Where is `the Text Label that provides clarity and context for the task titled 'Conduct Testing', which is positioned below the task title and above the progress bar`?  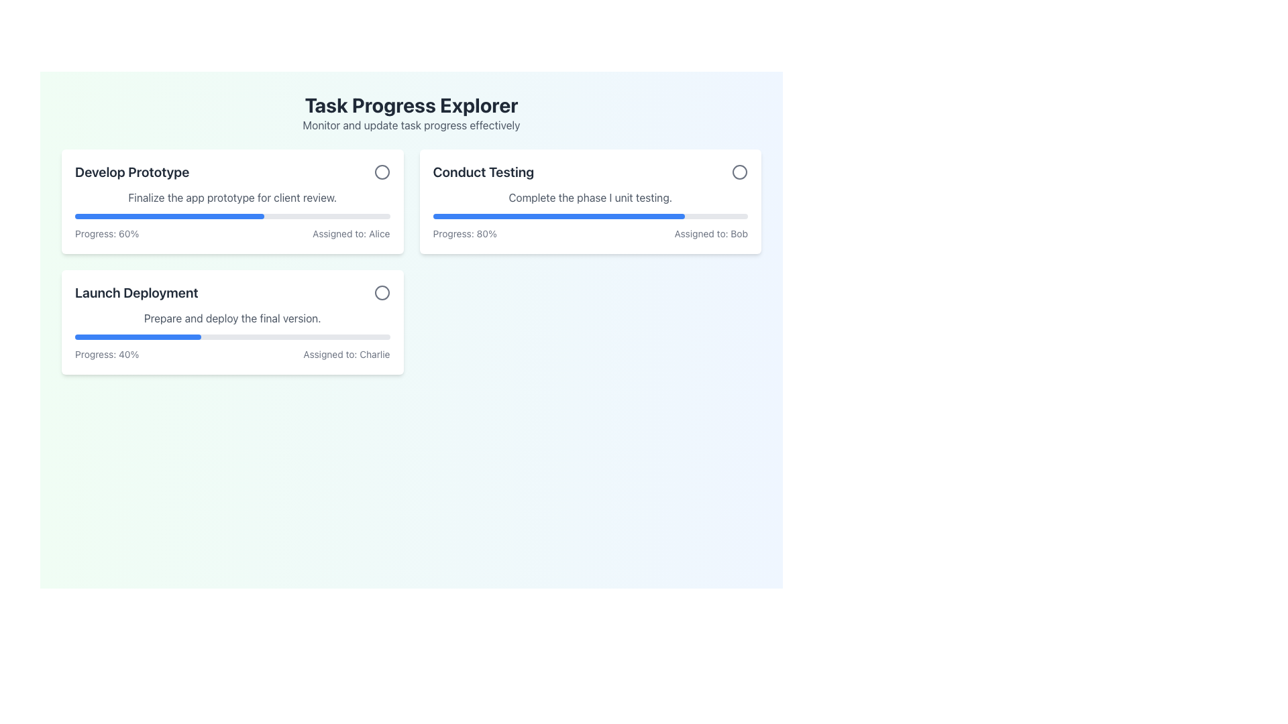 the Text Label that provides clarity and context for the task titled 'Conduct Testing', which is positioned below the task title and above the progress bar is located at coordinates (590, 197).